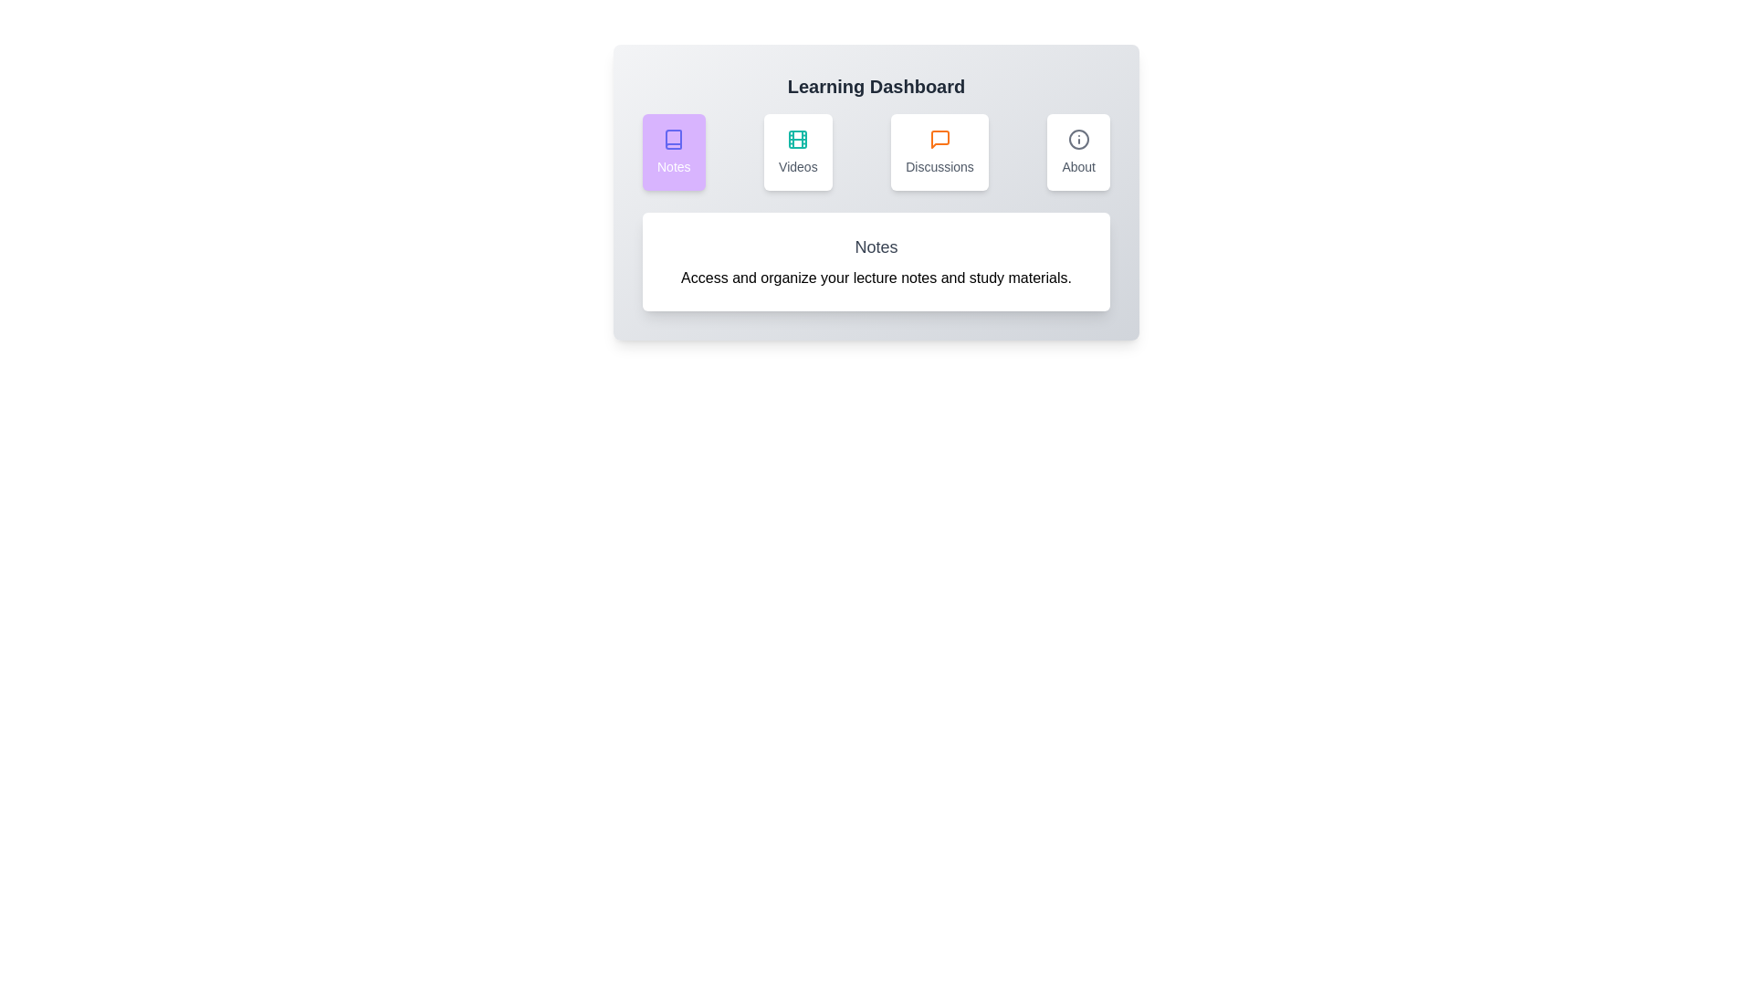 Image resolution: width=1753 pixels, height=986 pixels. I want to click on the Notes tab by clicking on its corresponding button, so click(673, 151).